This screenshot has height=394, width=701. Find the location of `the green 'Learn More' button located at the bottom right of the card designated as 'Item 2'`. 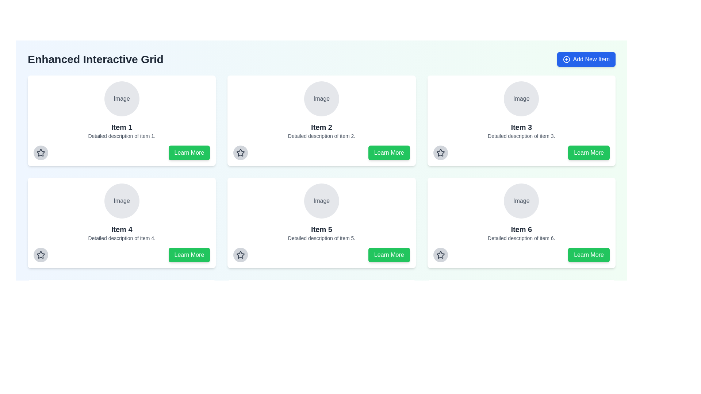

the green 'Learn More' button located at the bottom right of the card designated as 'Item 2' is located at coordinates (388, 152).